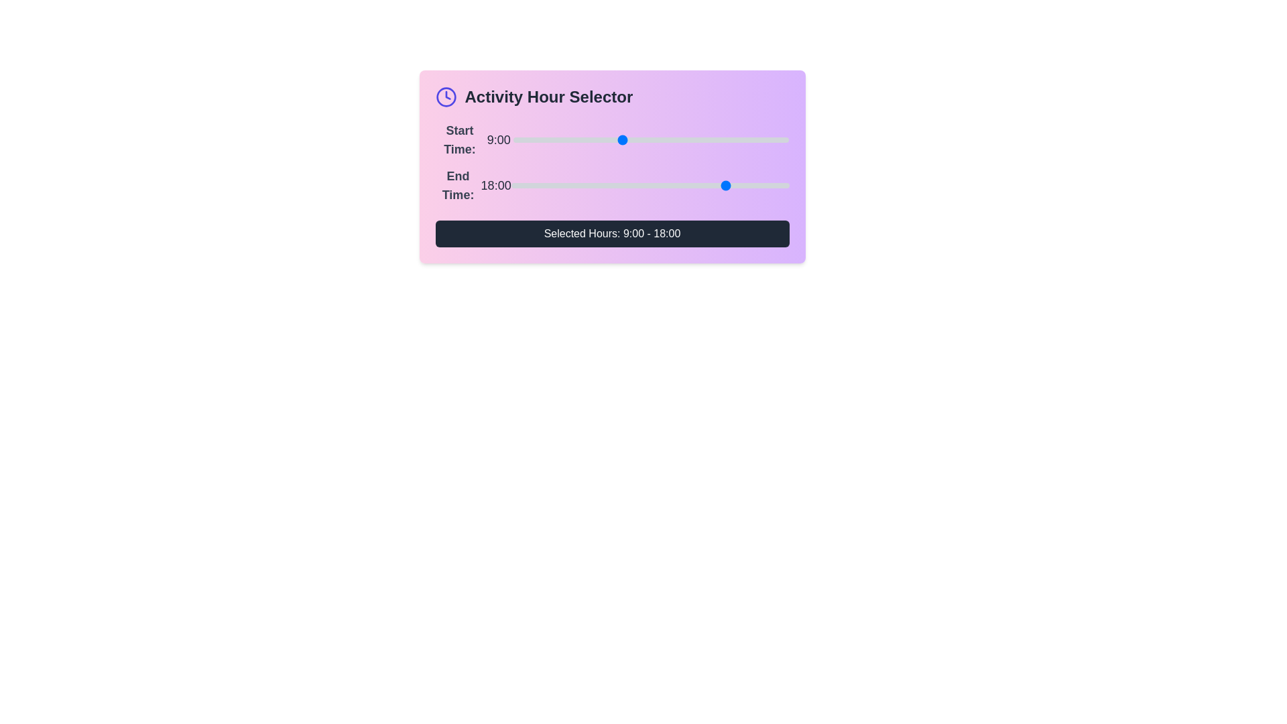  What do you see at coordinates (571, 186) in the screenshot?
I see `the end time slider to set the hour to 5` at bounding box center [571, 186].